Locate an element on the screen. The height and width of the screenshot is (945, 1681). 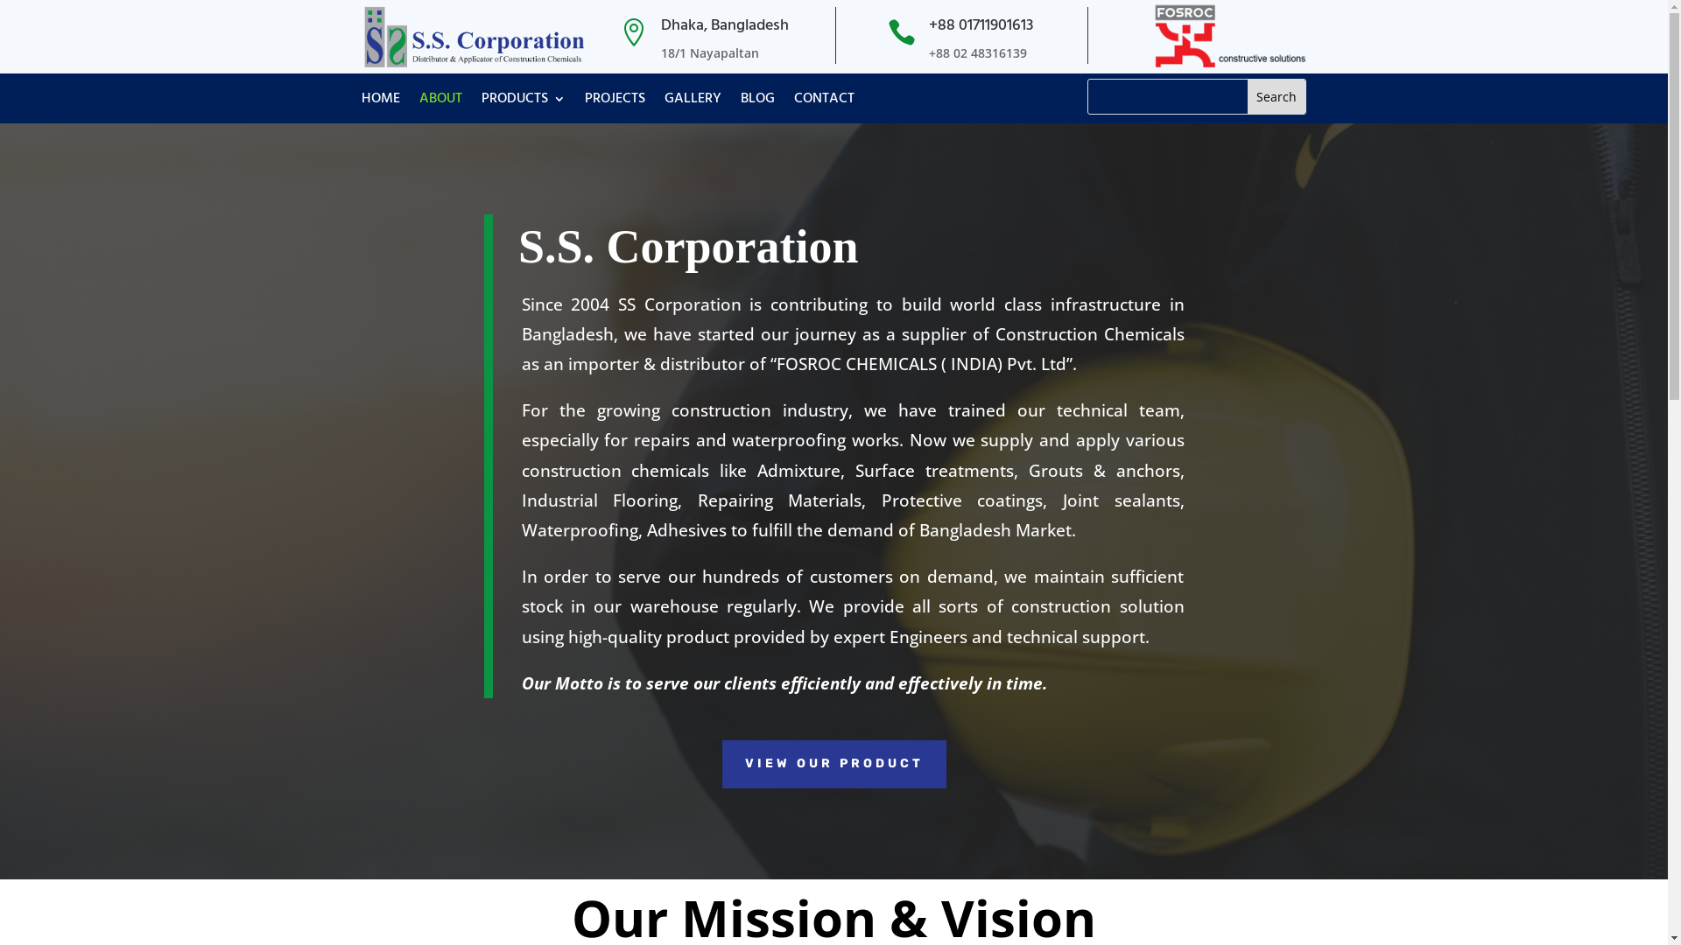
'HOME' is located at coordinates (378, 101).